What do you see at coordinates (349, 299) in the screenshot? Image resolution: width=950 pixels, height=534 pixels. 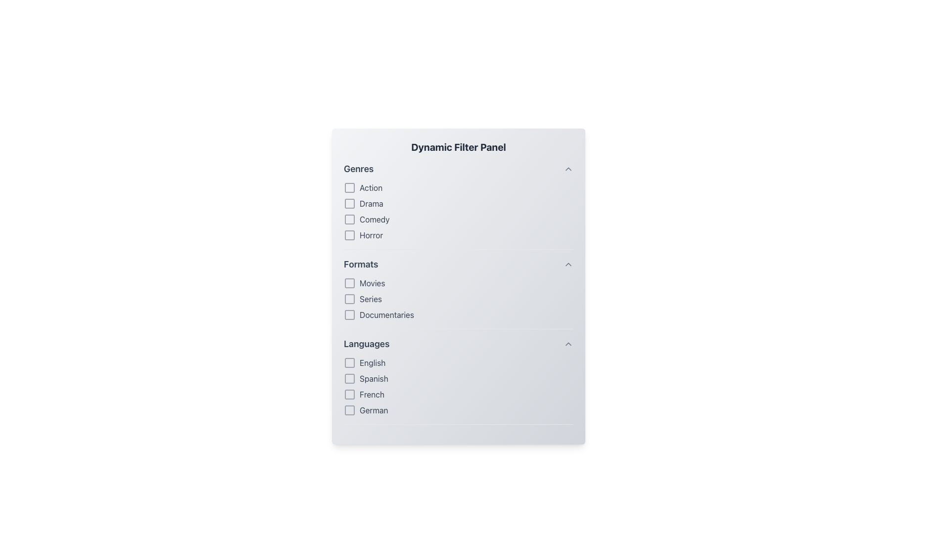 I see `the 'Series' checkbox in the 'Formats' section of the Dynamic Filter Panel` at bounding box center [349, 299].